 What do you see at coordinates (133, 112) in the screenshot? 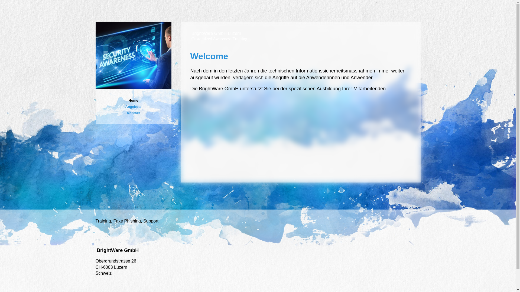
I see `'Kontakt'` at bounding box center [133, 112].